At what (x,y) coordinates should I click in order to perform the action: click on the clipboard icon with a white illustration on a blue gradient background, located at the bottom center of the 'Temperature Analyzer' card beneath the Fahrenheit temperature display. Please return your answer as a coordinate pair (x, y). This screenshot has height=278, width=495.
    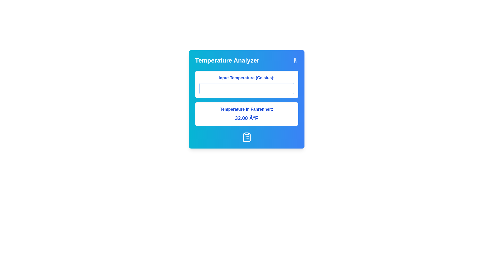
    Looking at the image, I should click on (246, 137).